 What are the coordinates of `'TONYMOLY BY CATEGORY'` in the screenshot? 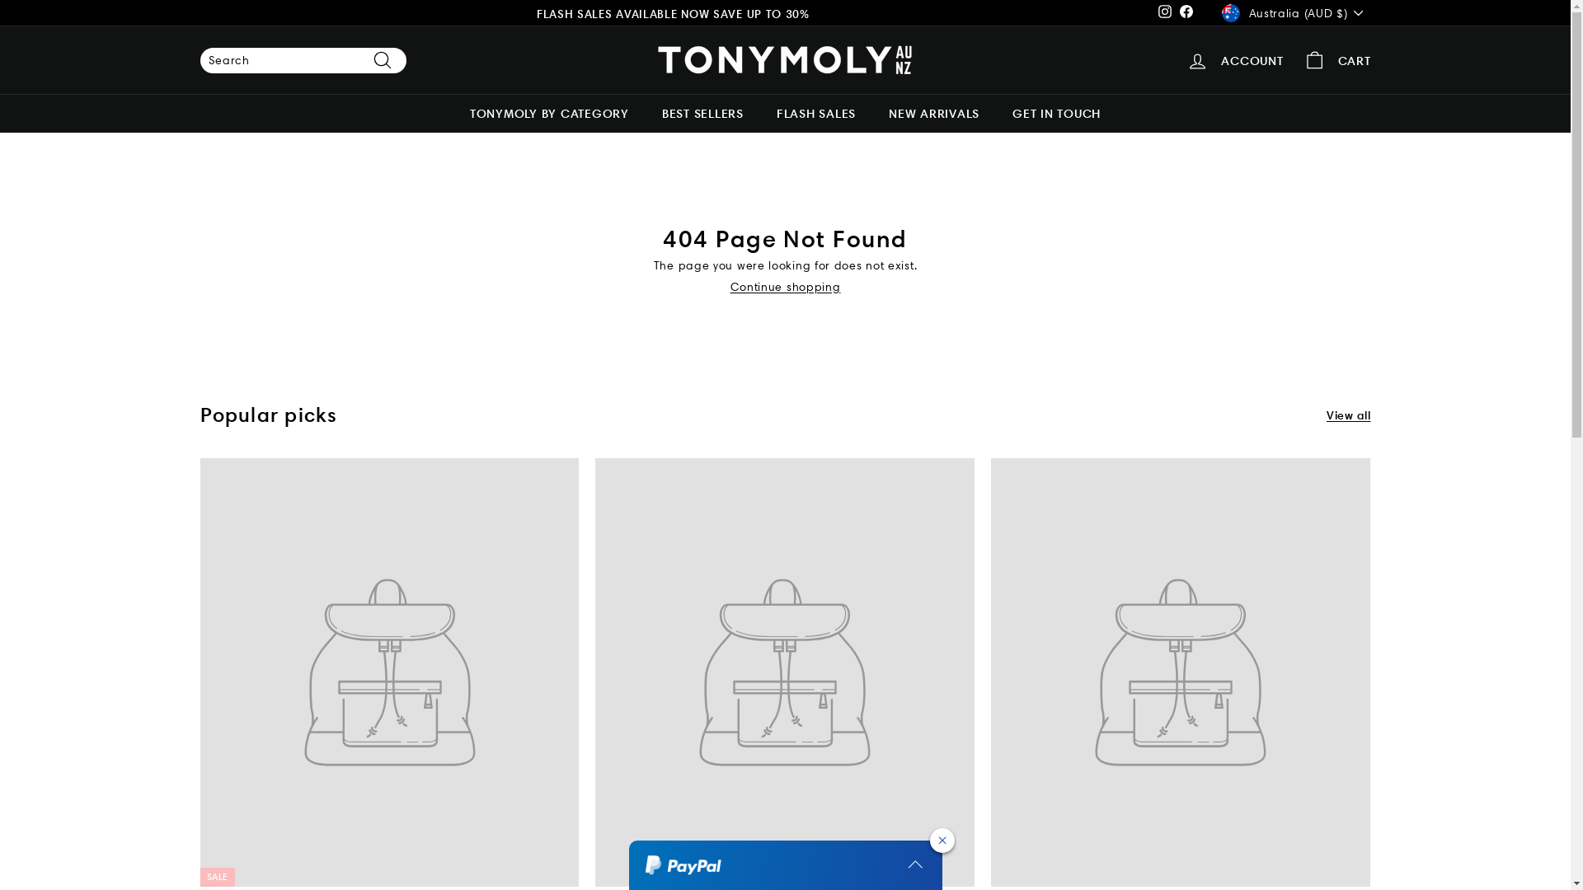 It's located at (453, 112).